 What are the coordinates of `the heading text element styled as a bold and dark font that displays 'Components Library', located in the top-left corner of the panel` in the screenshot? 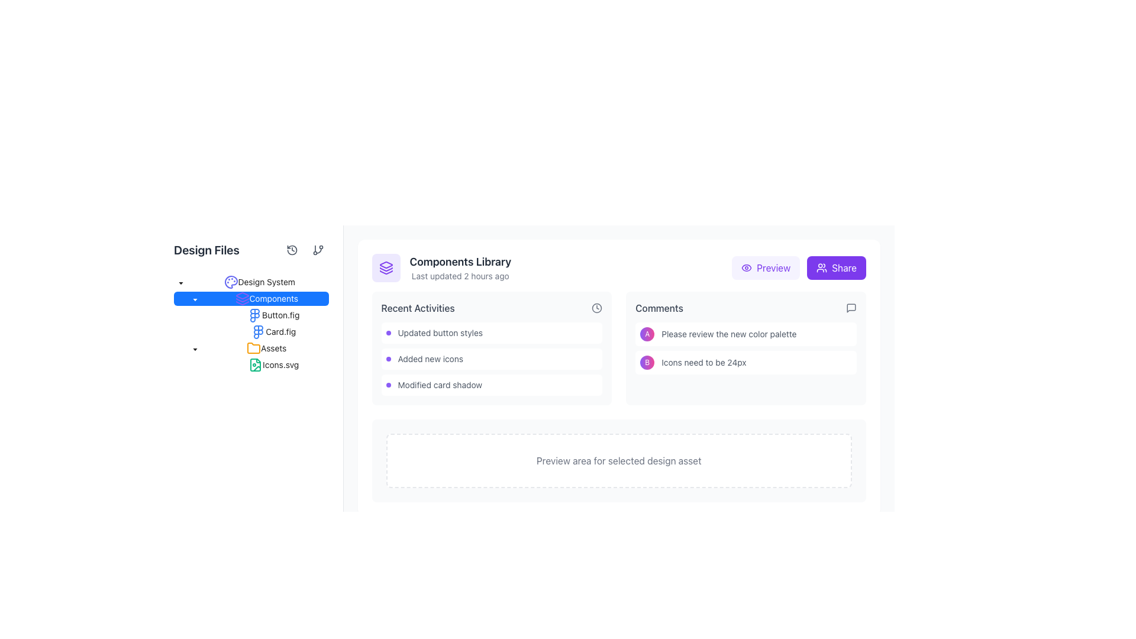 It's located at (460, 262).